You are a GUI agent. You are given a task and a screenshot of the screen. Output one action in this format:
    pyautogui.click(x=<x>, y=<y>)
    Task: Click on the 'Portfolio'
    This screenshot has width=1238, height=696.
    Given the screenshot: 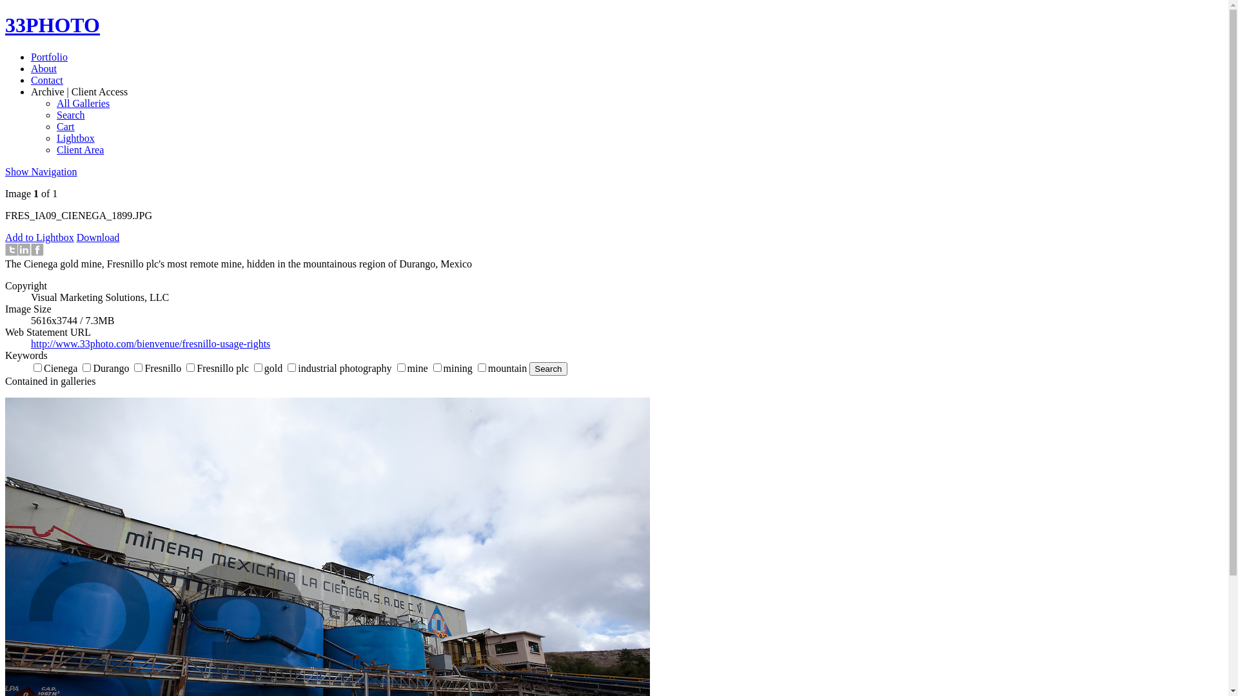 What is the action you would take?
    pyautogui.click(x=49, y=56)
    